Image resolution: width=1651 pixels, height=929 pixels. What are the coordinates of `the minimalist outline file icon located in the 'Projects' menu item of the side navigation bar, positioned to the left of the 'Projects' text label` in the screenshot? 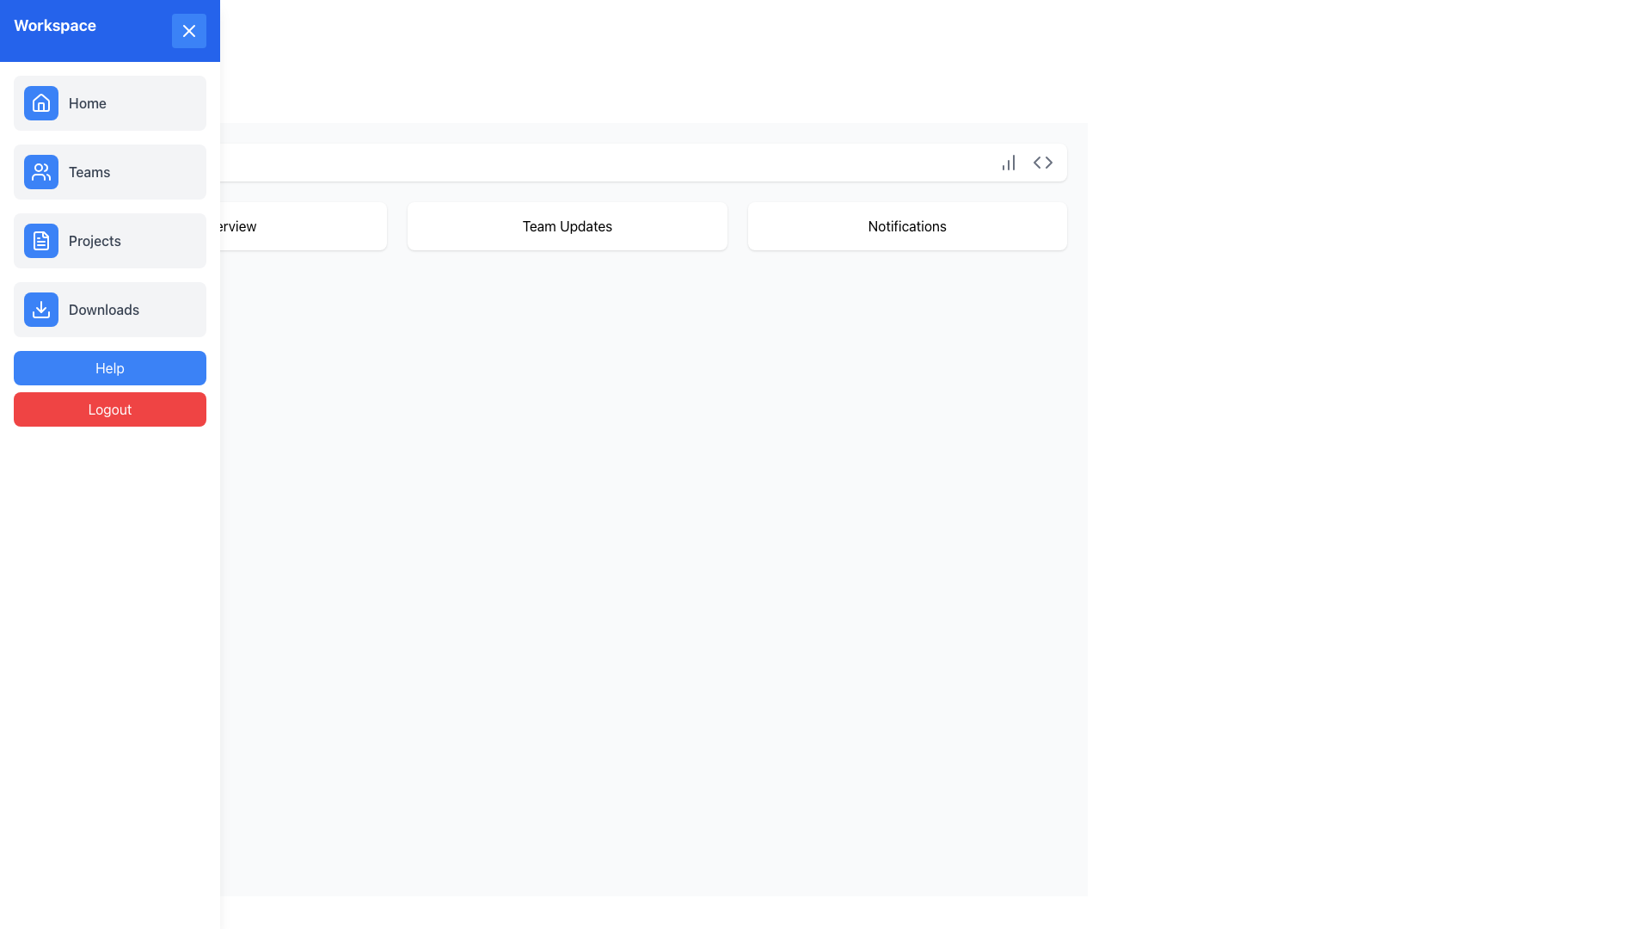 It's located at (41, 241).